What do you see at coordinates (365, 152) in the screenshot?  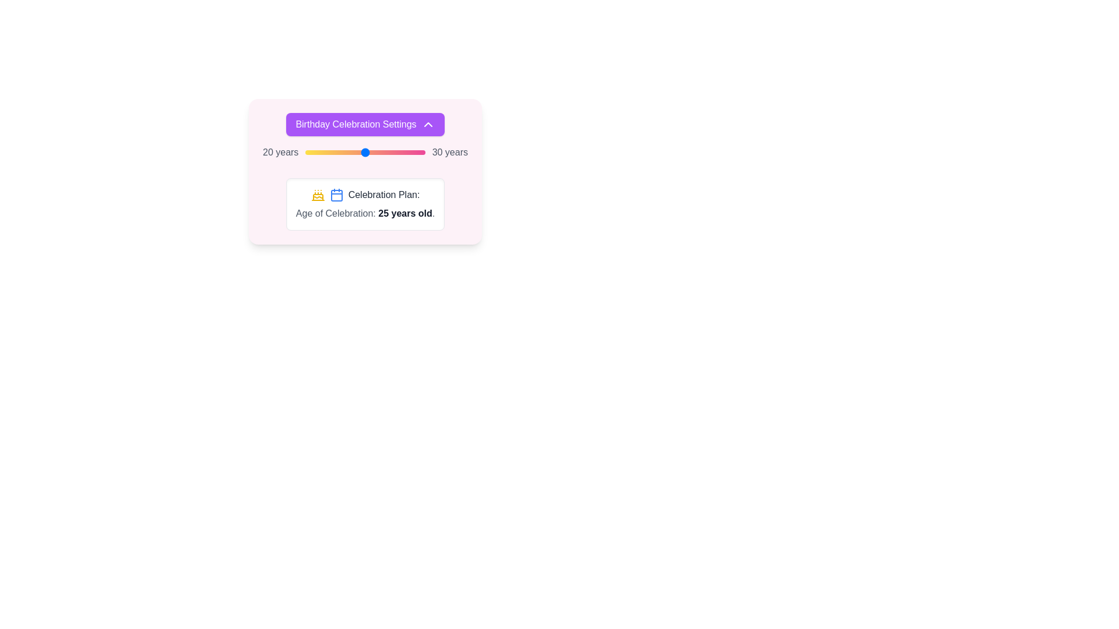 I see `the slider to set the celebration age to 25 years` at bounding box center [365, 152].